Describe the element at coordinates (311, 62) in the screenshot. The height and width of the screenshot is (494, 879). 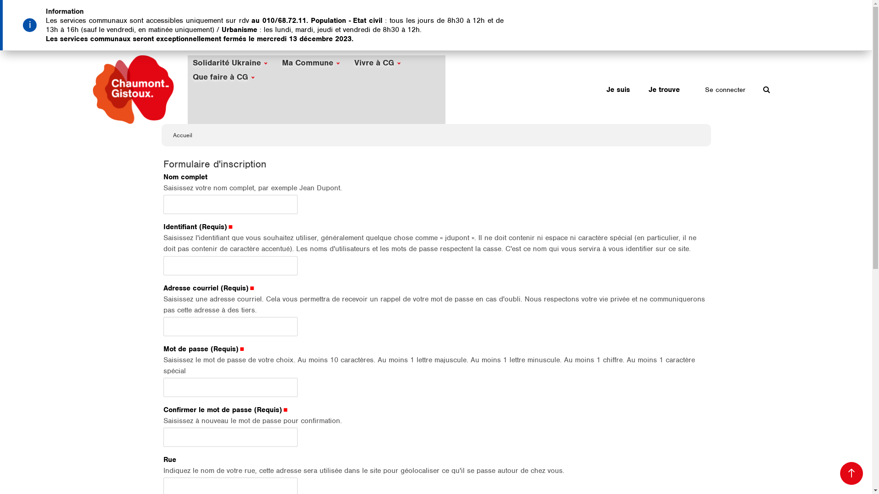
I see `'Ma Commune'` at that location.